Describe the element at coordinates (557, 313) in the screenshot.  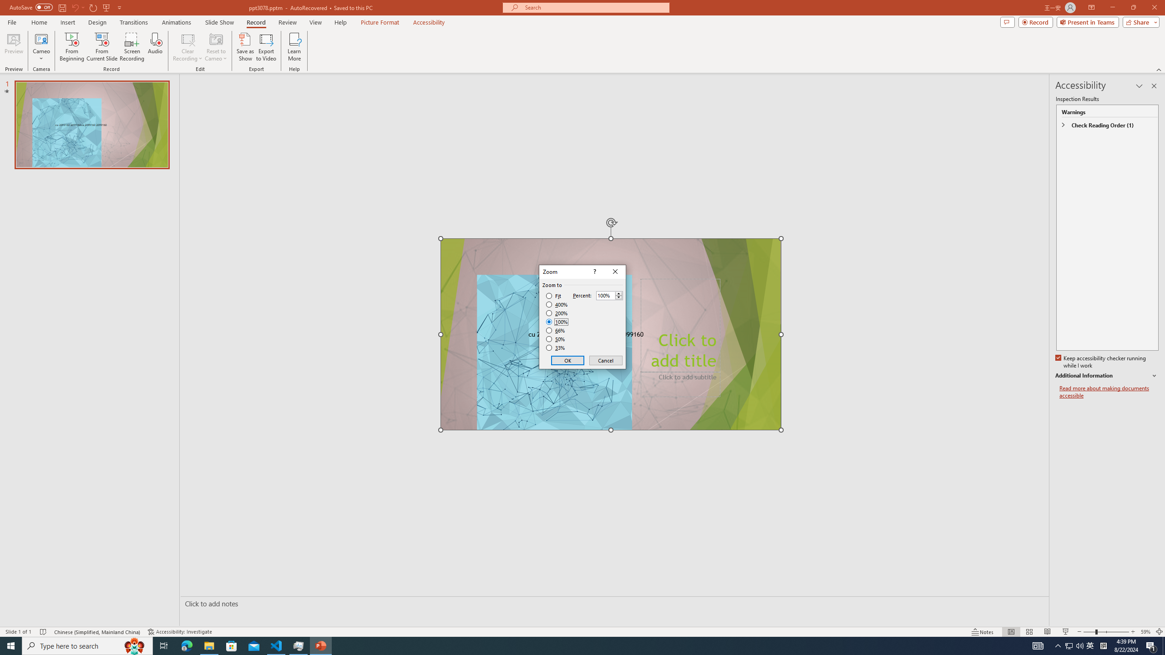
I see `'200%'` at that location.